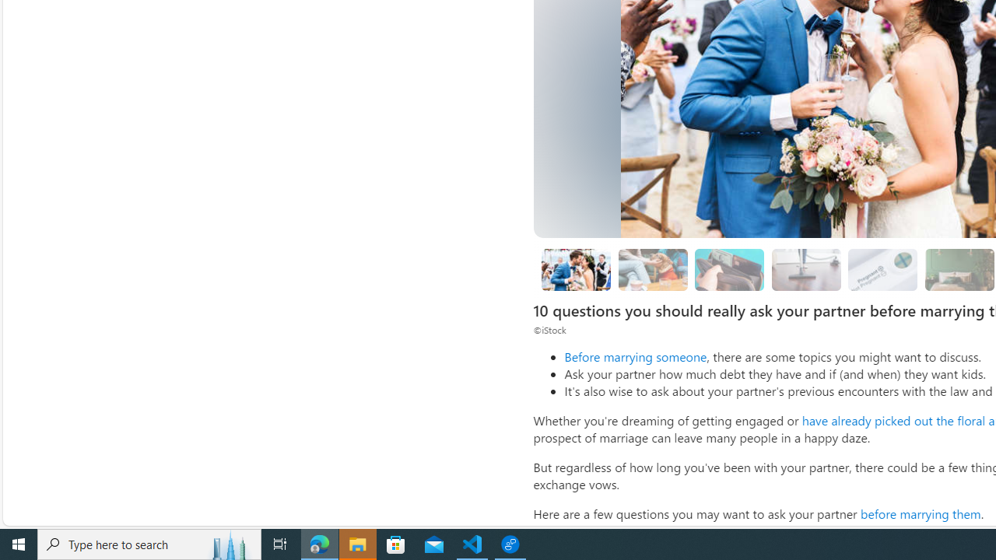 This screenshot has height=560, width=996. I want to click on 'Class: progress', so click(882, 266).